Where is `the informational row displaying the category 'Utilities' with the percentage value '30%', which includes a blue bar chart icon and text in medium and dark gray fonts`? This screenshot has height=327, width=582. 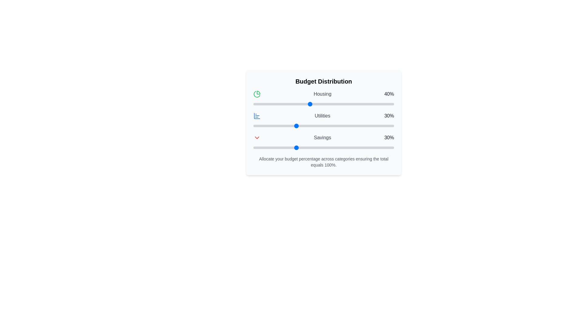 the informational row displaying the category 'Utilities' with the percentage value '30%', which includes a blue bar chart icon and text in medium and dark gray fonts is located at coordinates (323, 116).